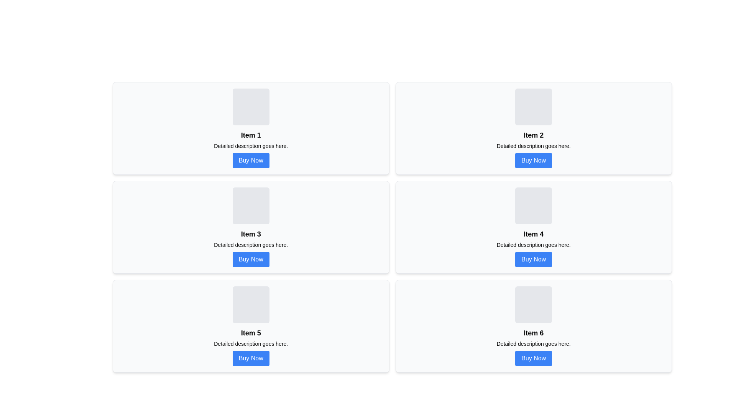 The width and height of the screenshot is (736, 414). Describe the element at coordinates (533, 160) in the screenshot. I see `the 'Buy Now' button with a blue background and white text, located at the bottom of the 'Item 2' panel to initiate a purchase` at that location.